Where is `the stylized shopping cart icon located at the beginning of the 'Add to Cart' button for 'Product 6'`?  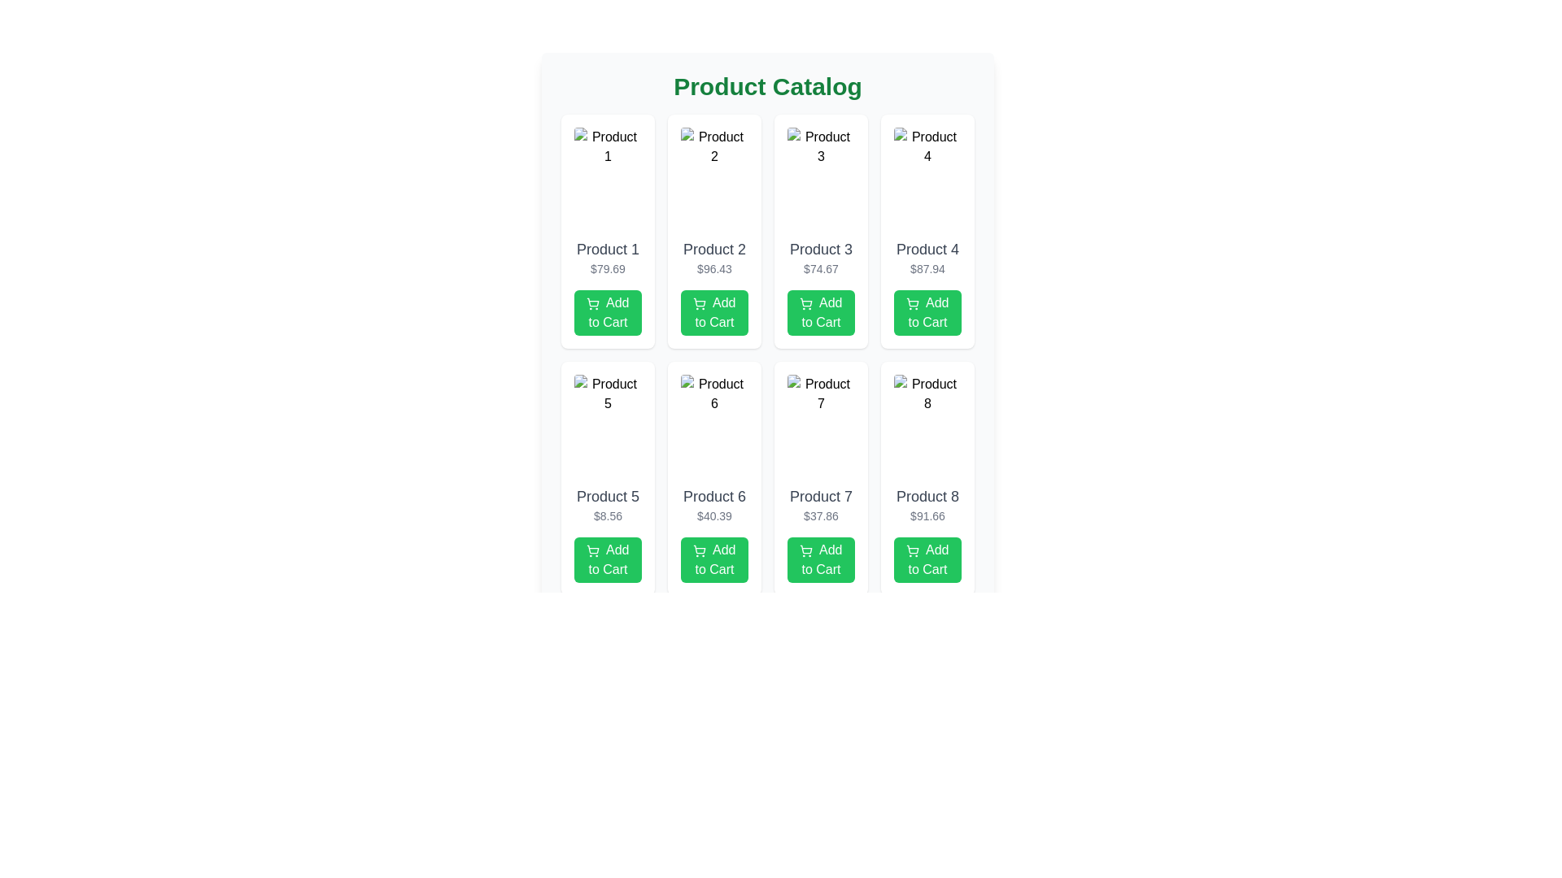
the stylized shopping cart icon located at the beginning of the 'Add to Cart' button for 'Product 6' is located at coordinates (700, 549).